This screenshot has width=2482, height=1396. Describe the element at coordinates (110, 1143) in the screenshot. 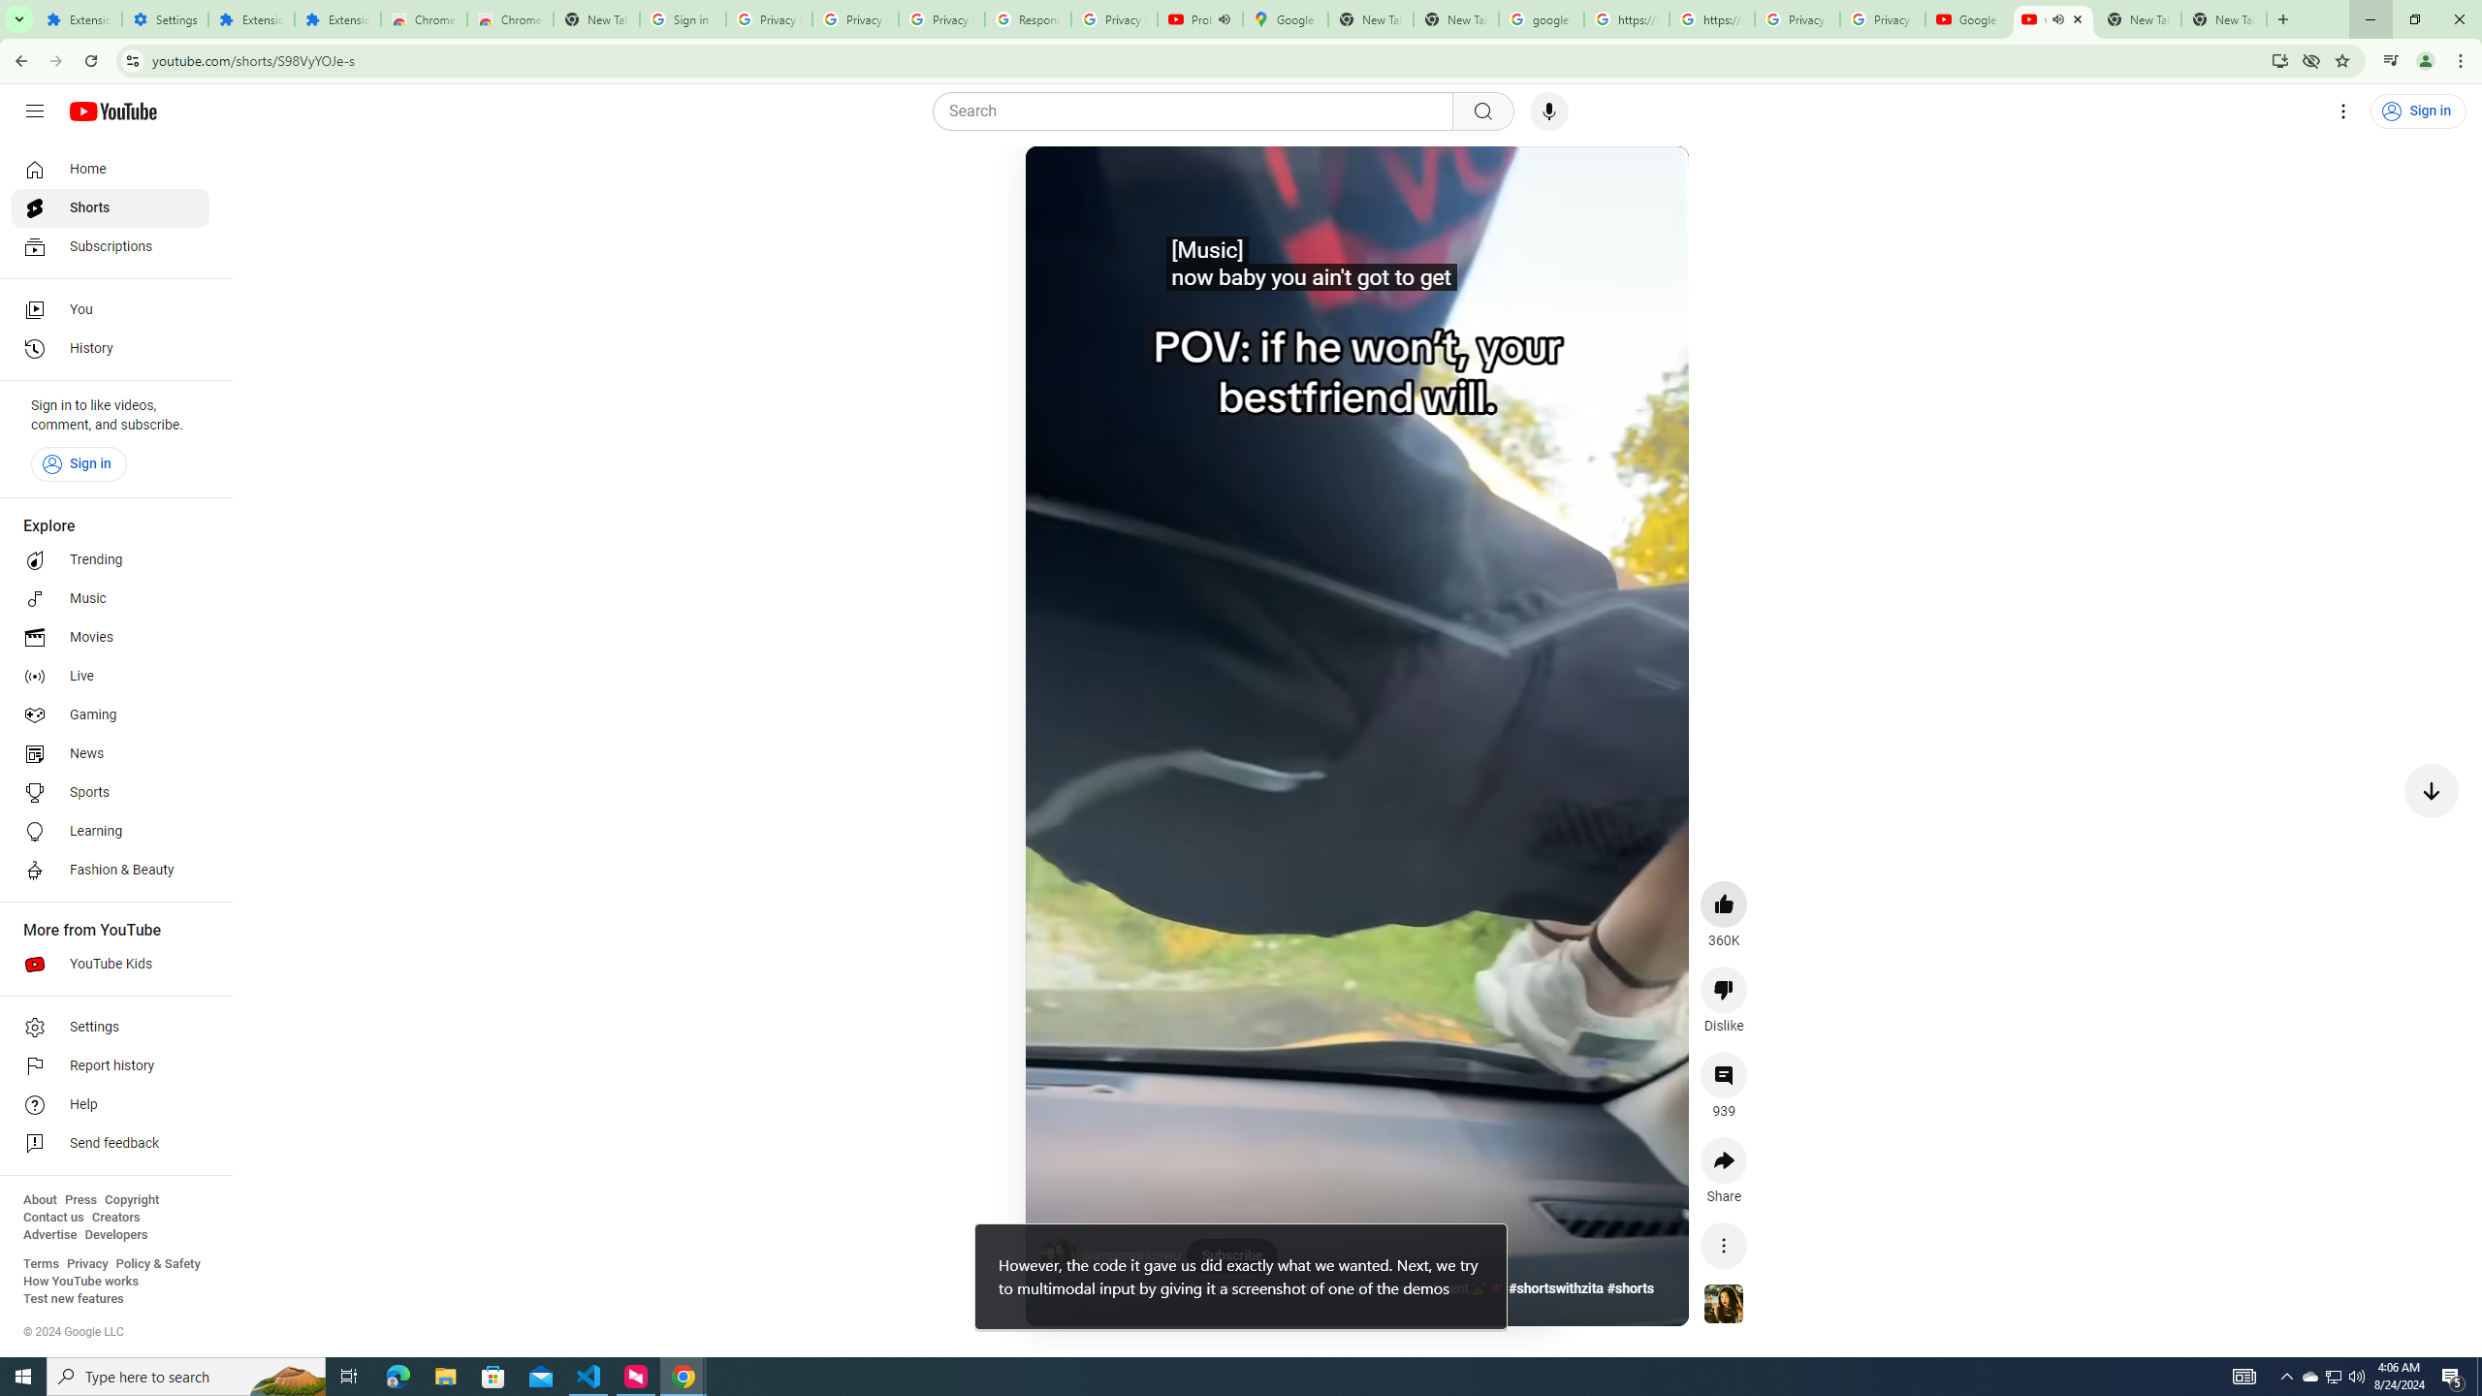

I see `'Send feedback'` at that location.